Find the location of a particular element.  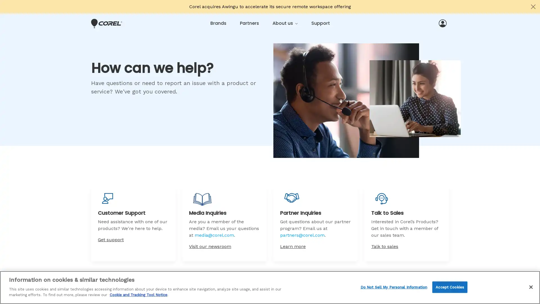

Accept Cookies is located at coordinates (449, 287).